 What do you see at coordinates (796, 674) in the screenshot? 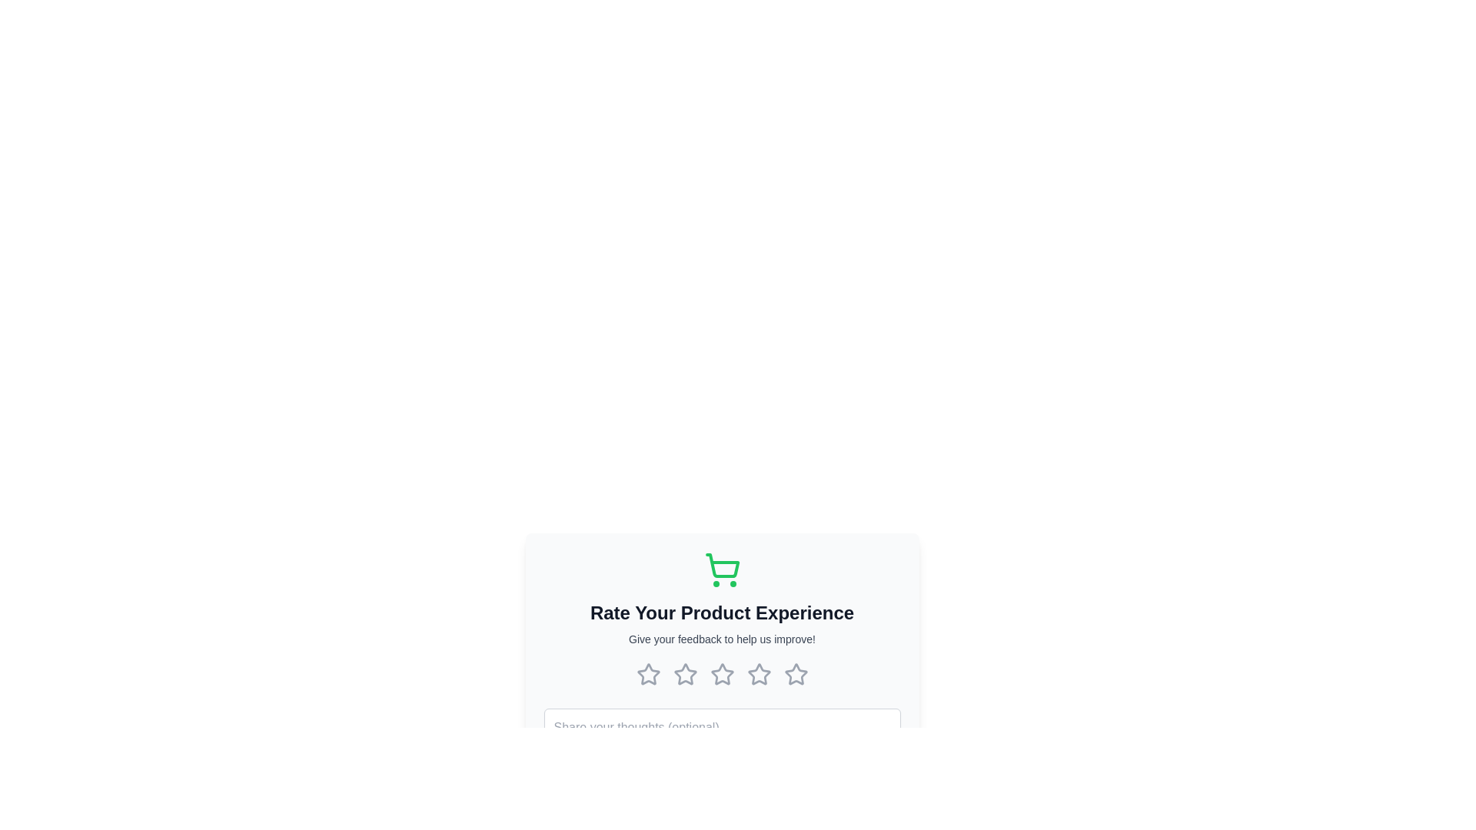
I see `the fifth star-shaped rating icon in the rating interface` at bounding box center [796, 674].